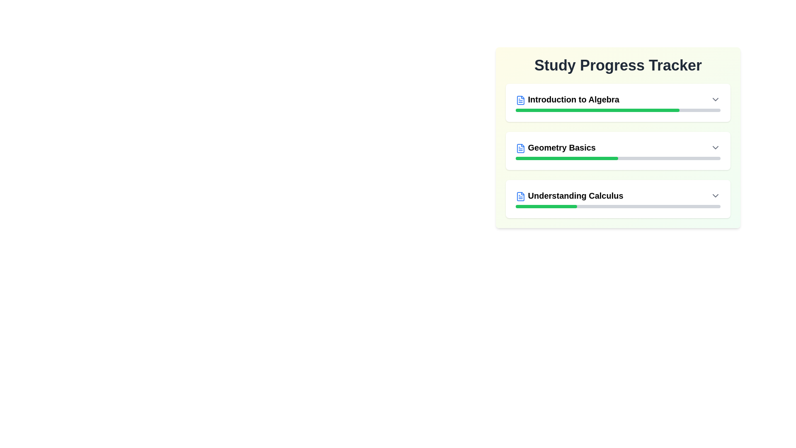  I want to click on text label titled 'Understanding Calculus' located in the third position of the vertical list under 'Study Progress Tracker', so click(569, 195).